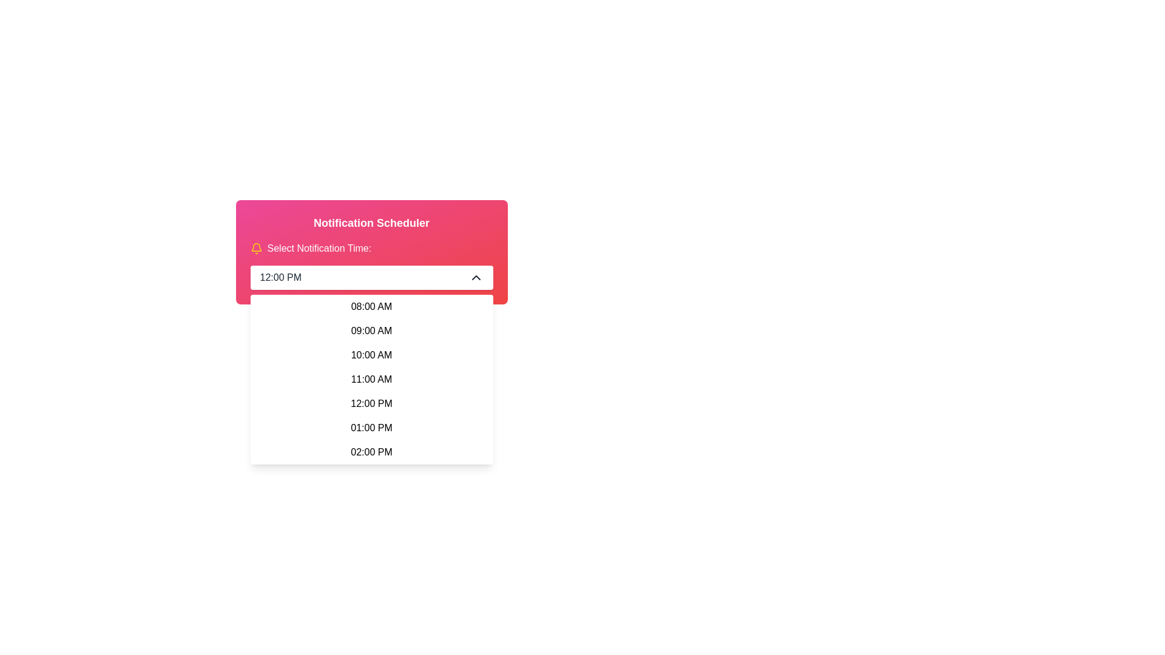  What do you see at coordinates (255, 246) in the screenshot?
I see `the vibrant yellow bell-shaped icon labeled 'lucide-bell' at the top-left corner of the notification scheduler interface` at bounding box center [255, 246].